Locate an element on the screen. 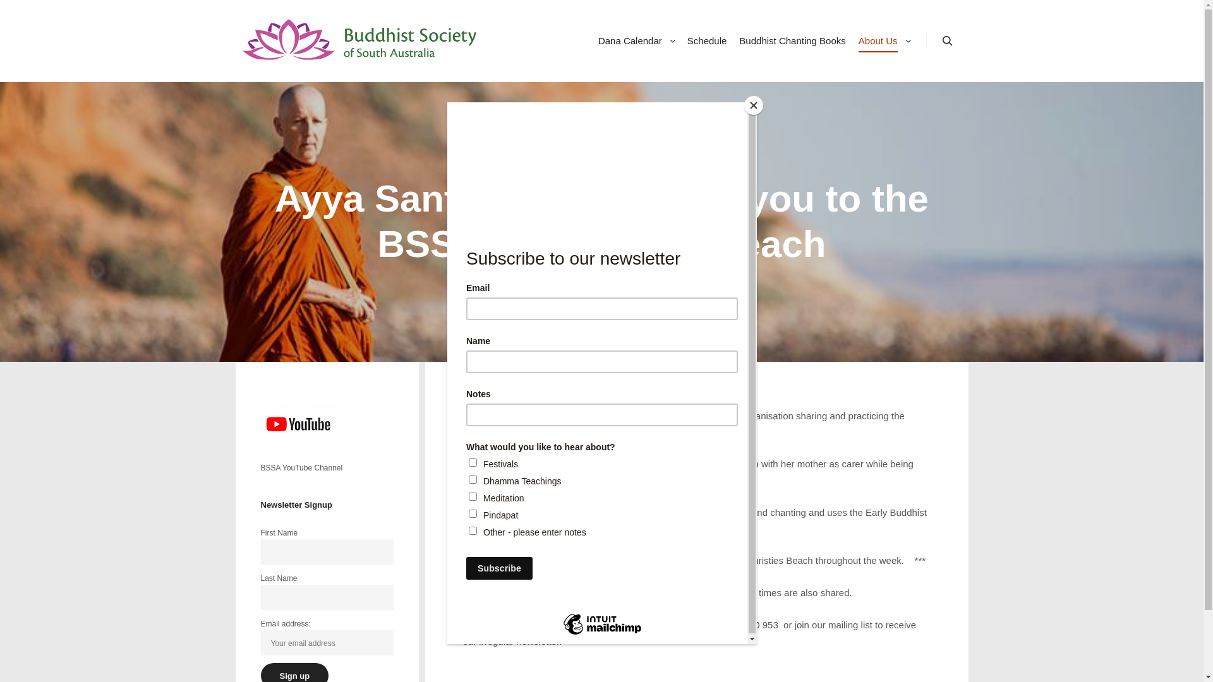 Image resolution: width=1213 pixels, height=682 pixels. 'Buddhist Chanting Books' is located at coordinates (791, 40).